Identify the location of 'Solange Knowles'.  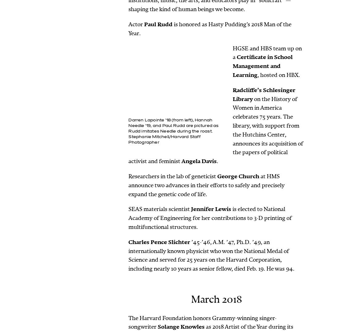
(181, 327).